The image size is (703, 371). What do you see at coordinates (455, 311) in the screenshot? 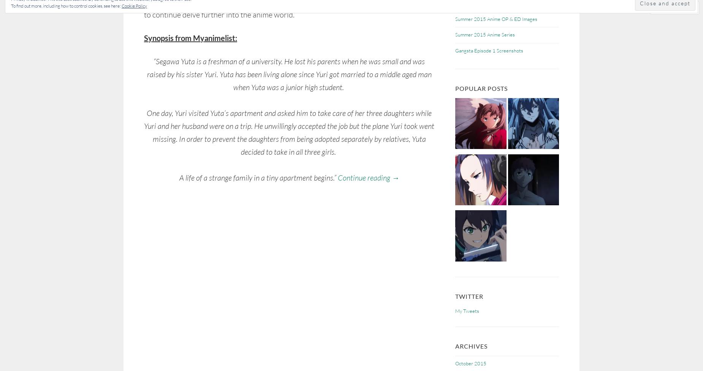
I see `'My Tweets'` at bounding box center [455, 311].